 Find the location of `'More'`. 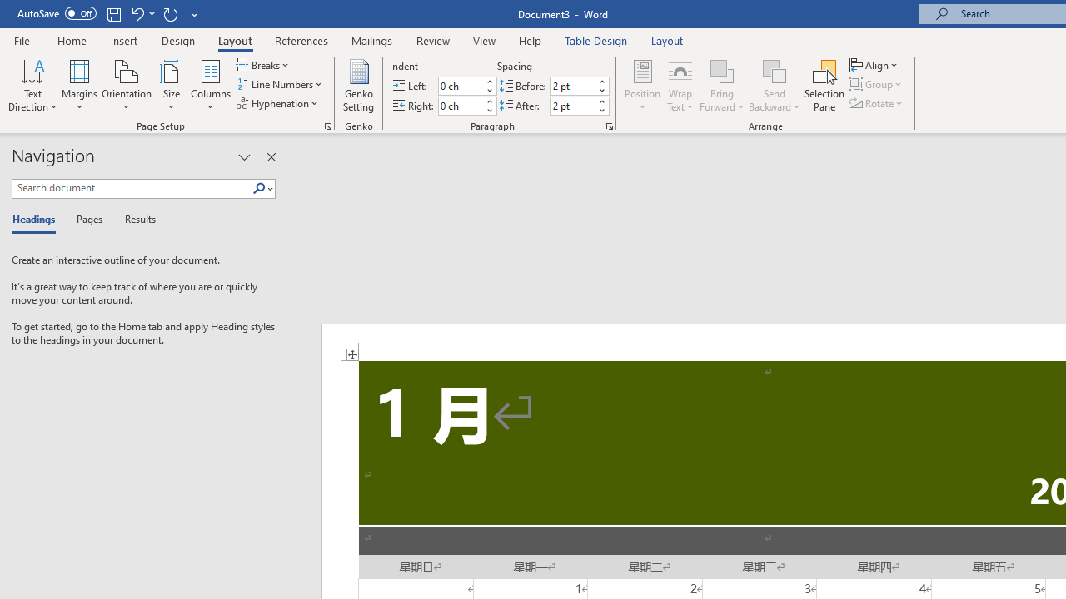

'More' is located at coordinates (600, 101).